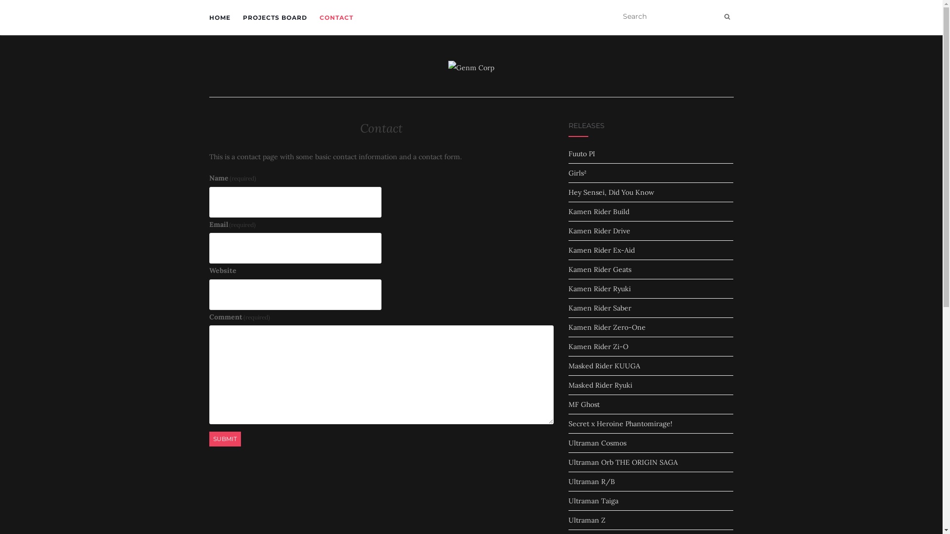 This screenshot has height=534, width=950. Describe the element at coordinates (601, 249) in the screenshot. I see `'Kamen Rider Ex-Aid'` at that location.